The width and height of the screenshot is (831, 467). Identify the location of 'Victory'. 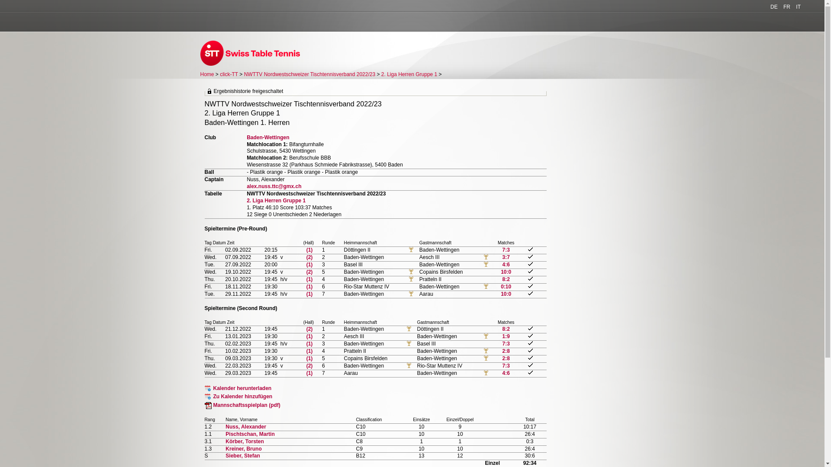
(486, 373).